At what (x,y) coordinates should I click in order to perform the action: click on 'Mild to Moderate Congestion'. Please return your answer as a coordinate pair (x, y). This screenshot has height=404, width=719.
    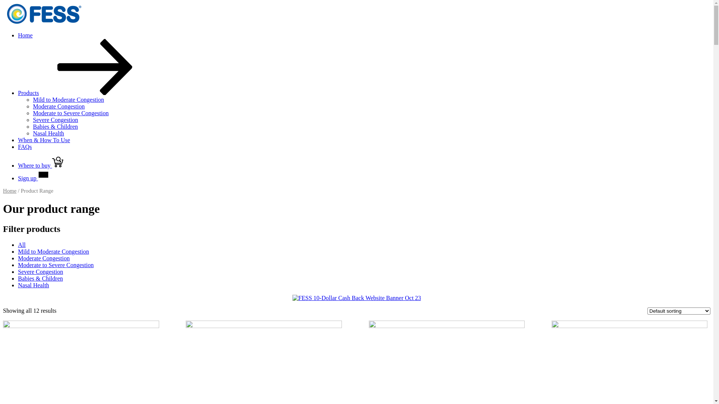
    Looking at the image, I should click on (53, 251).